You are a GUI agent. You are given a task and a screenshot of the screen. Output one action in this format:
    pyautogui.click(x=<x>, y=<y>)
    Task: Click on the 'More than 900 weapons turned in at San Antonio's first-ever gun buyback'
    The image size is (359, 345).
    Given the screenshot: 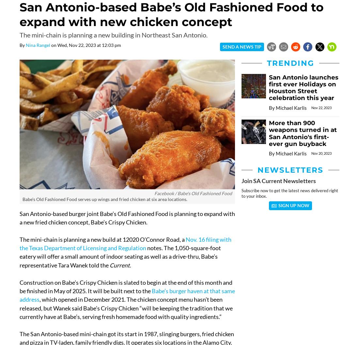 What is the action you would take?
    pyautogui.click(x=269, y=133)
    